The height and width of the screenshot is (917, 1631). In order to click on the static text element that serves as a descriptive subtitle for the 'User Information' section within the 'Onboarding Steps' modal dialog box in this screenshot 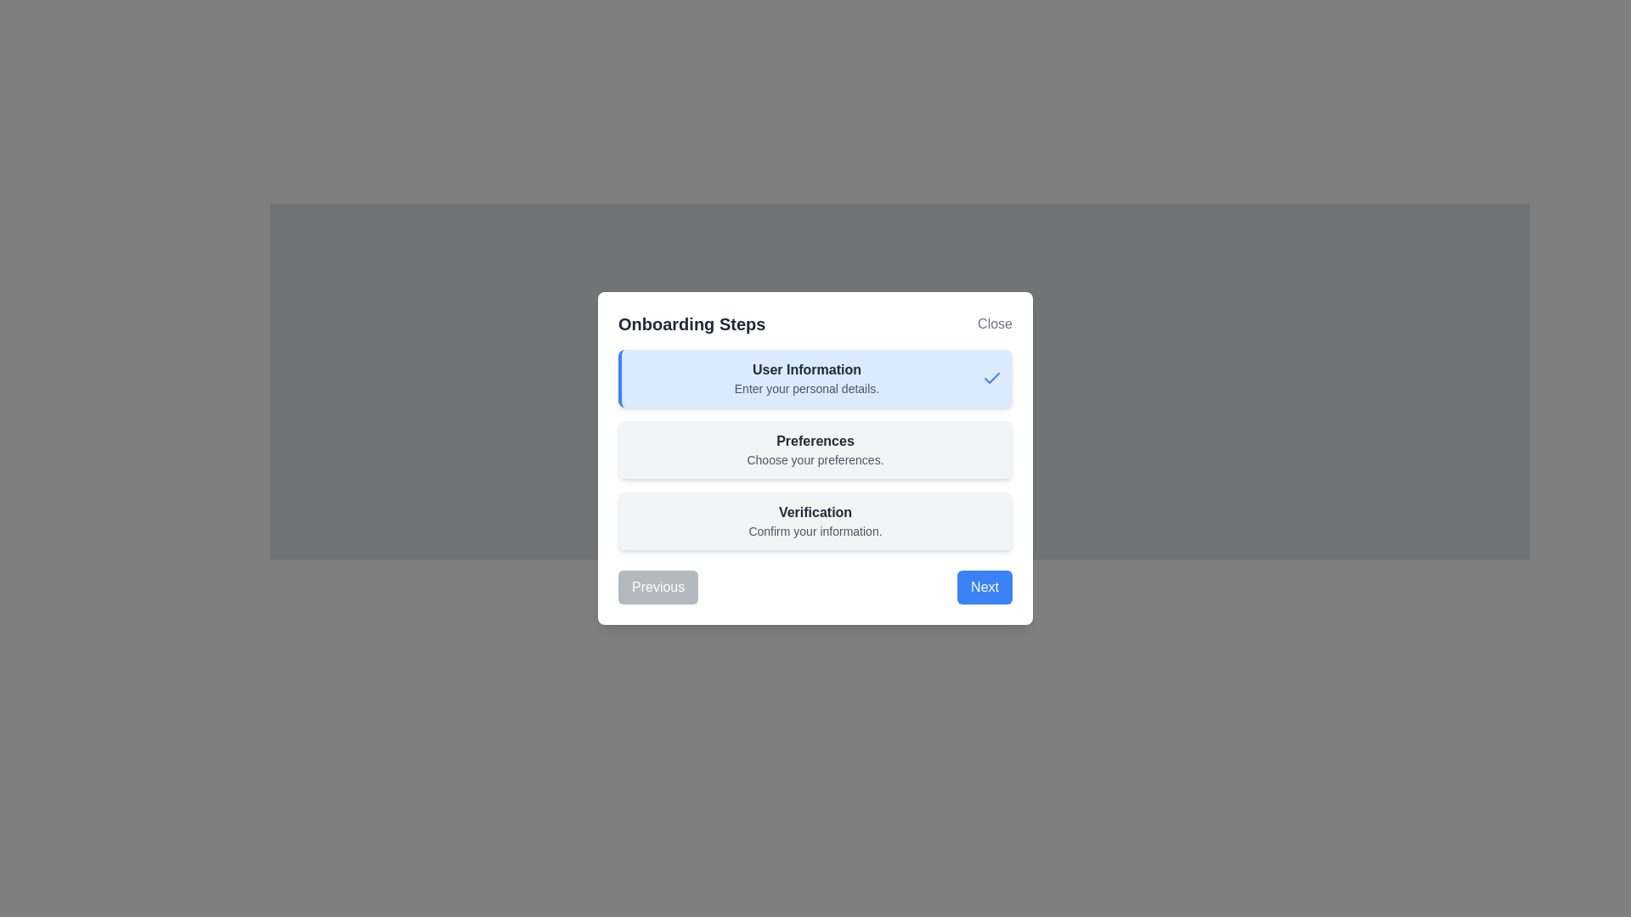, I will do `click(806, 389)`.